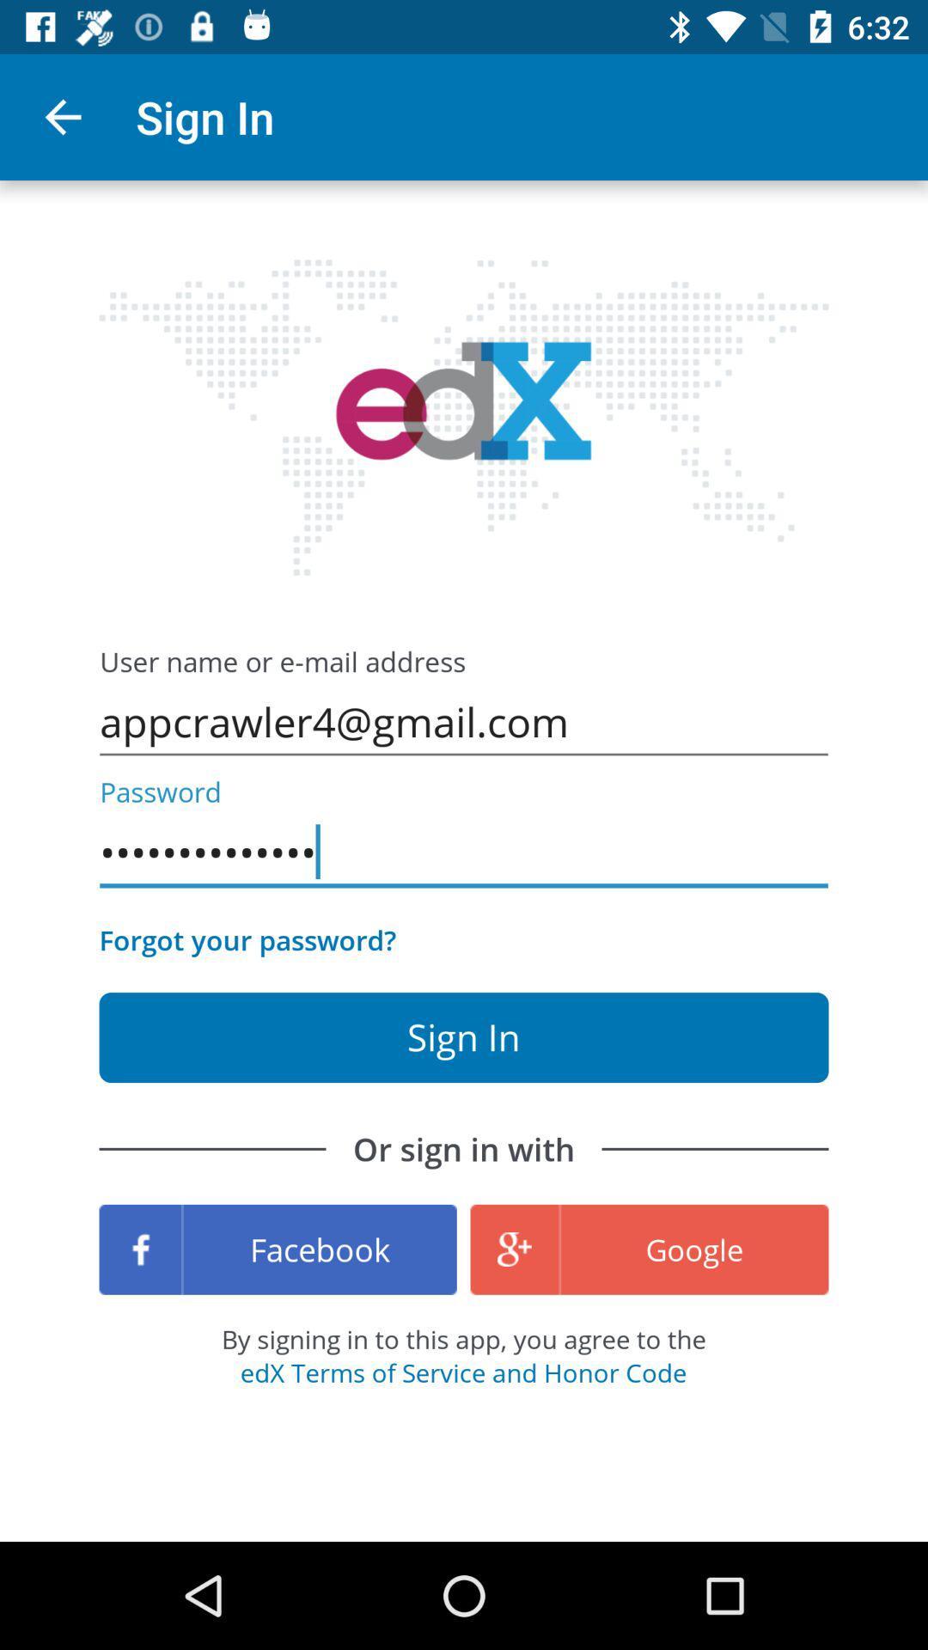  I want to click on the appcrawler4@gmail.com, so click(464, 722).